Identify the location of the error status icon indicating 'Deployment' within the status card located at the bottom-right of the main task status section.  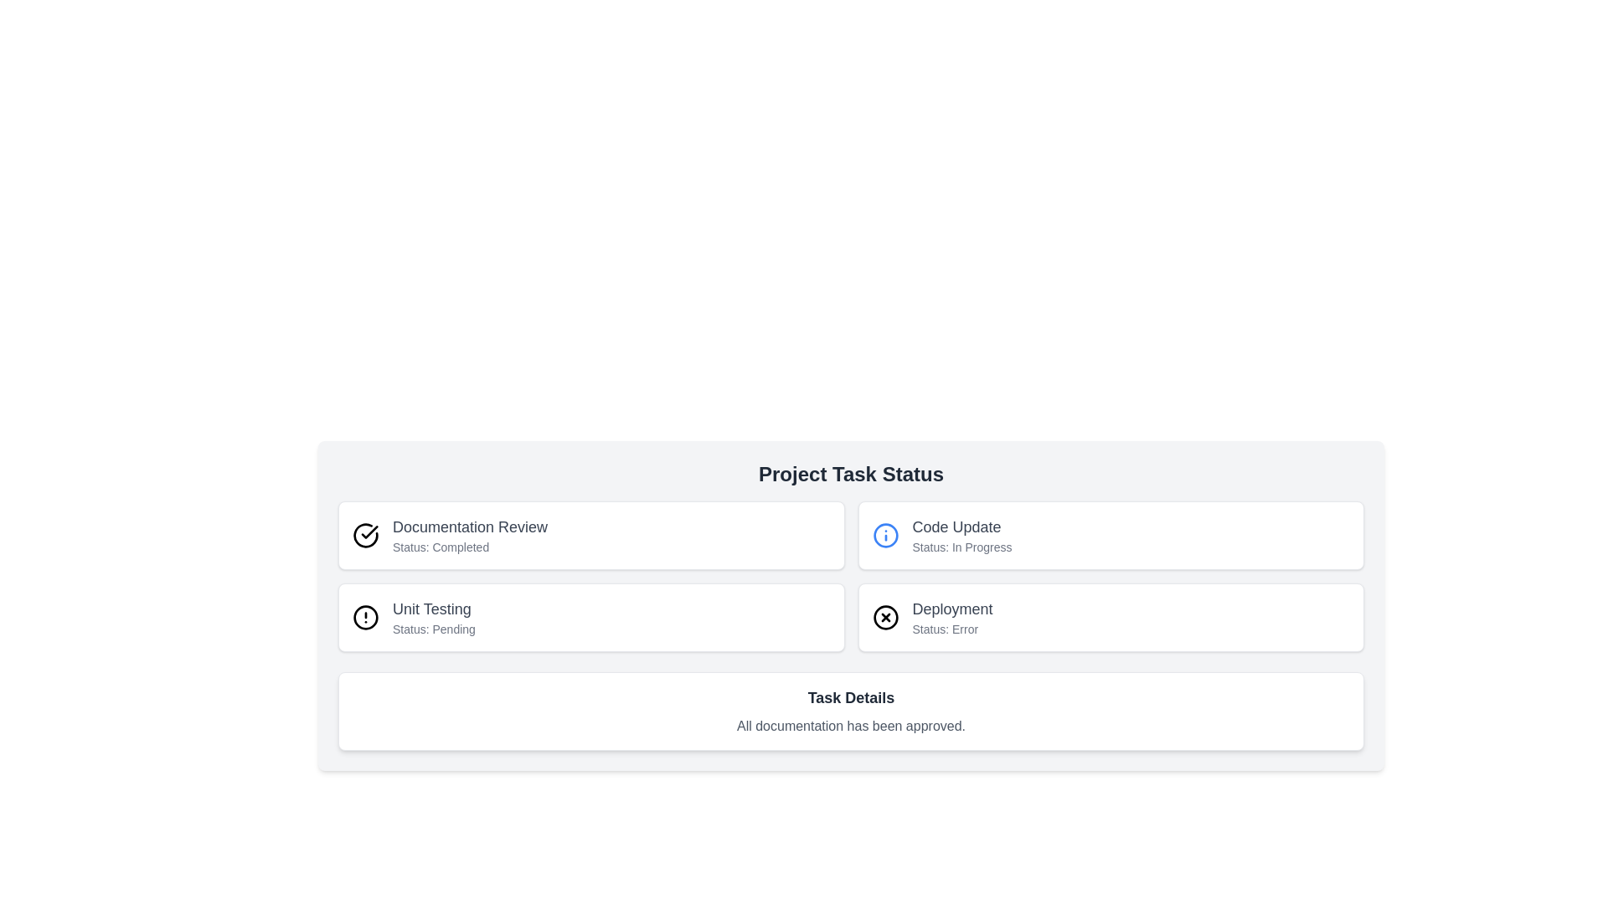
(884, 617).